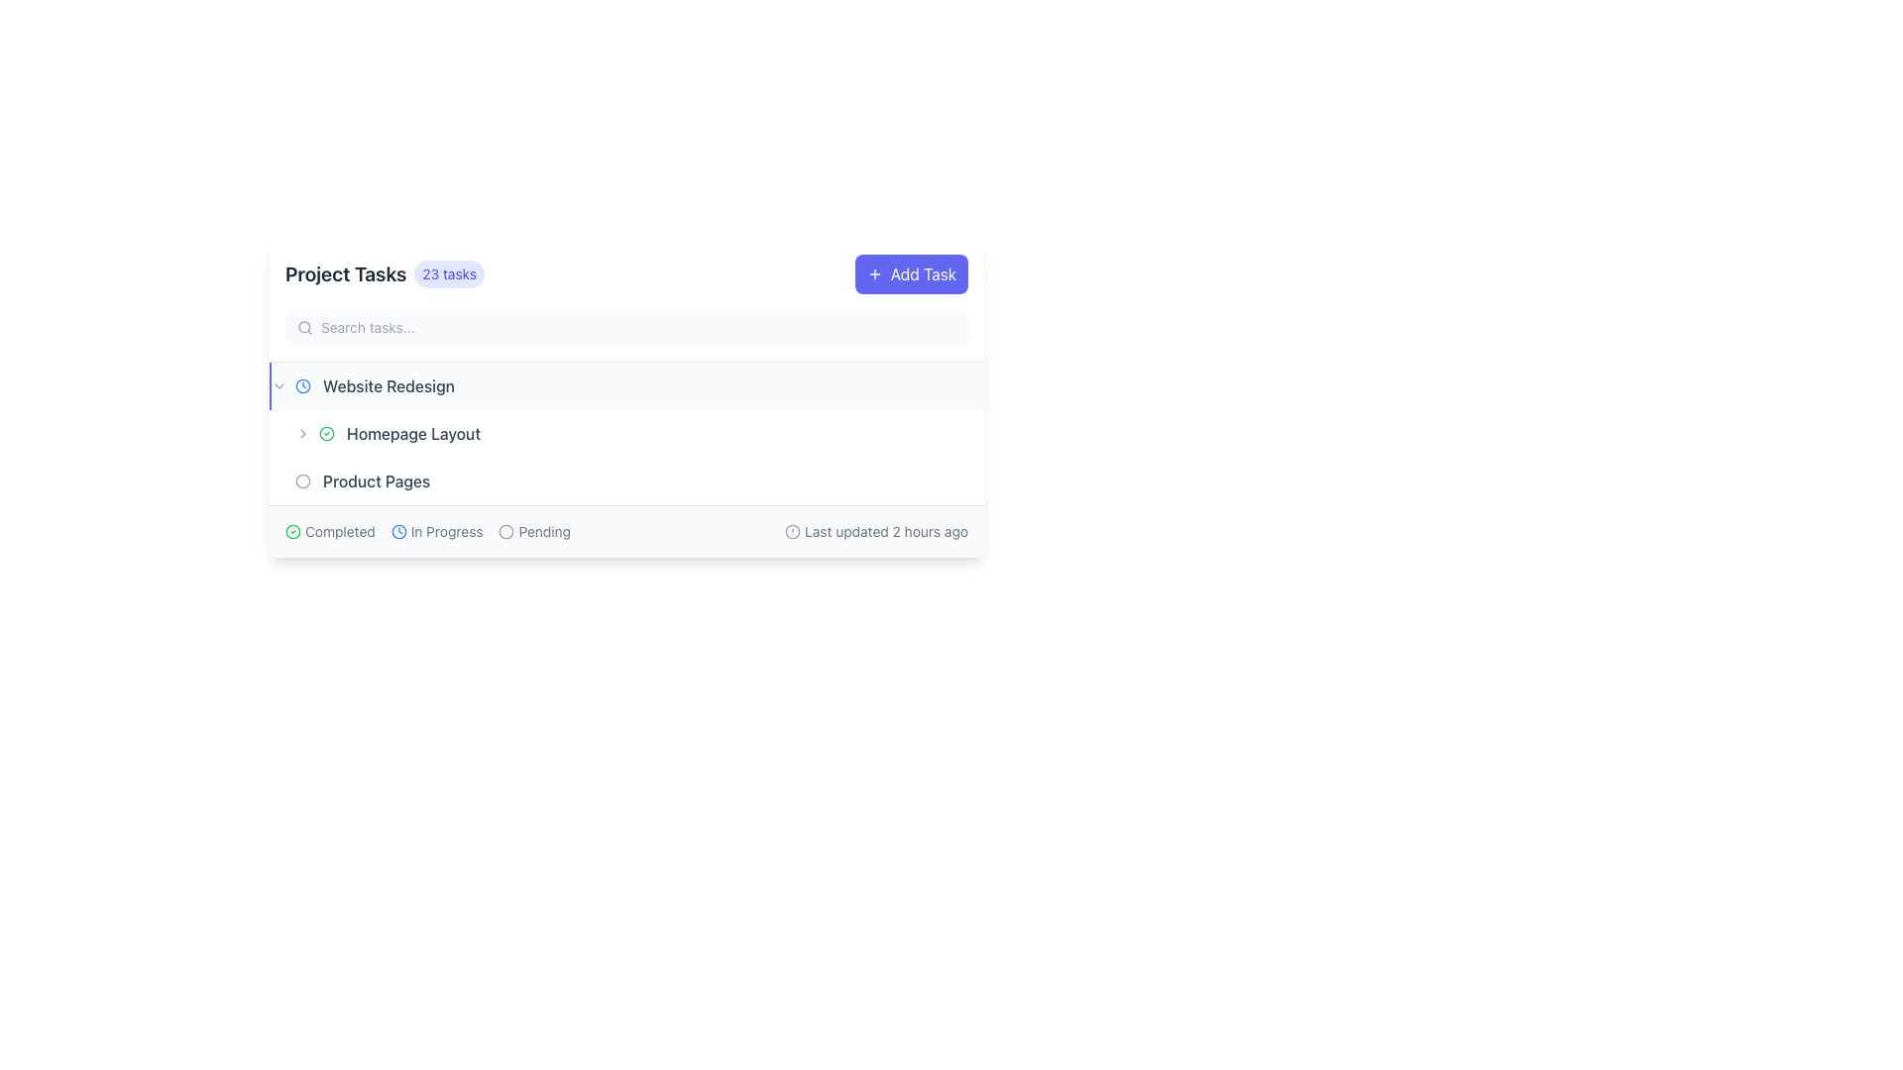 The height and width of the screenshot is (1070, 1903). I want to click on the 'Product Pages' text label in the 'Project Tasks' interface, so click(377, 481).